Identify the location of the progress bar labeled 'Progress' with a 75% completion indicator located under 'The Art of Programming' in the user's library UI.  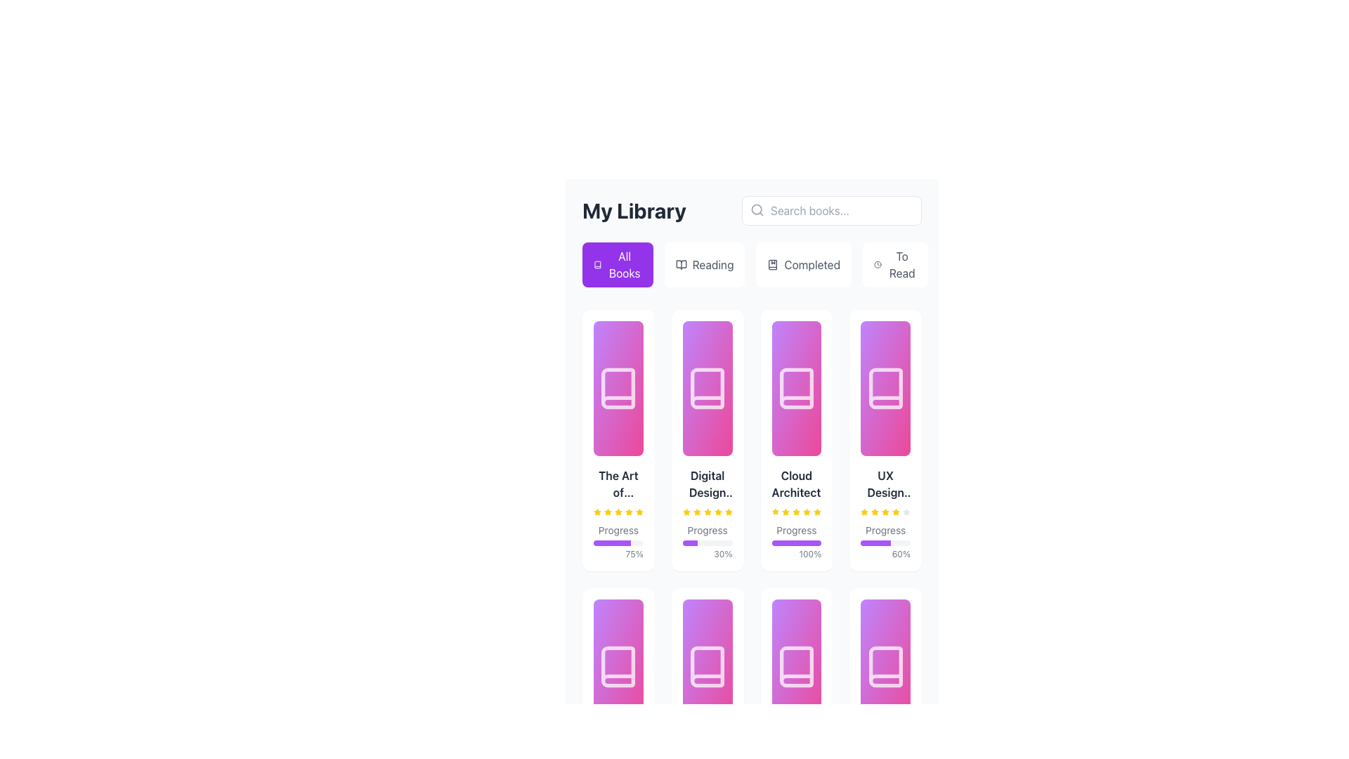
(618, 514).